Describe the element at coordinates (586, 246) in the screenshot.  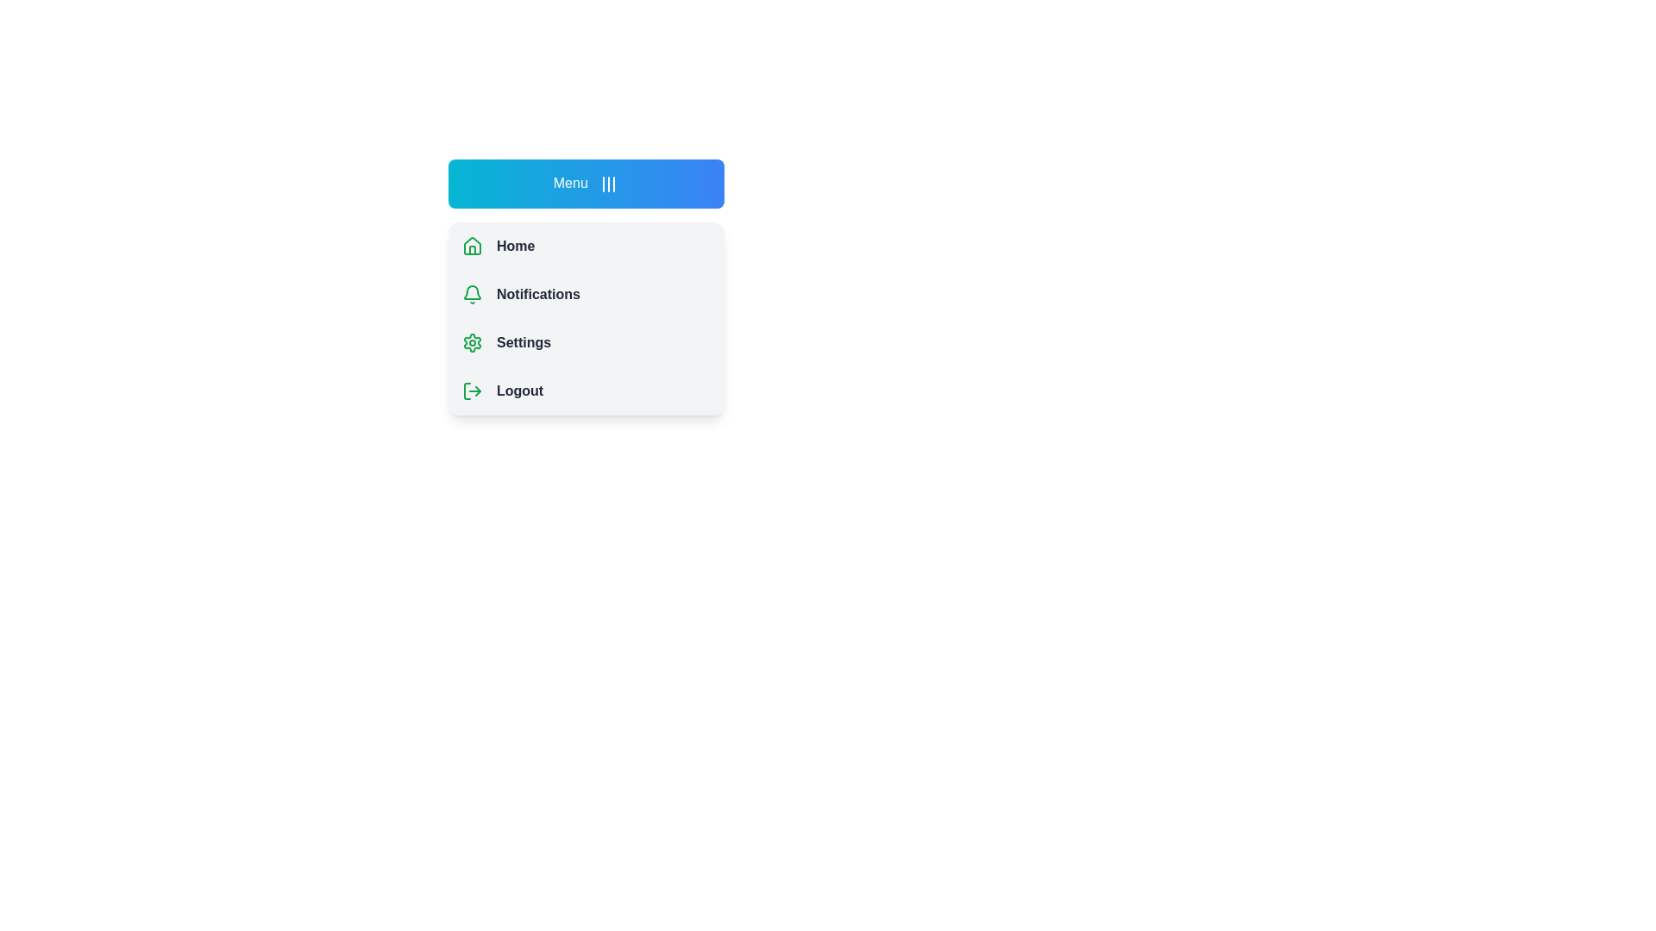
I see `the menu item Home to select it` at that location.